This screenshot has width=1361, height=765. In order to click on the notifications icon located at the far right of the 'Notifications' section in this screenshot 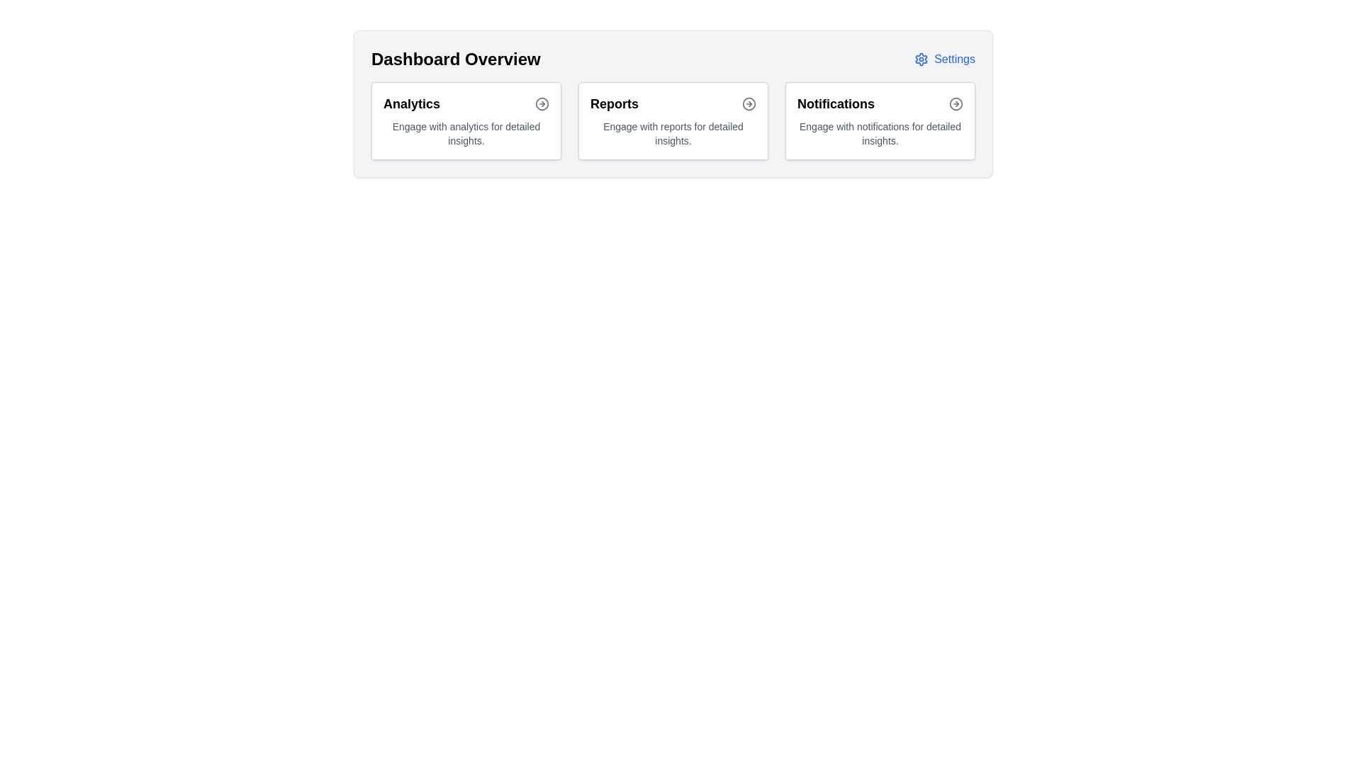, I will do `click(956, 103)`.